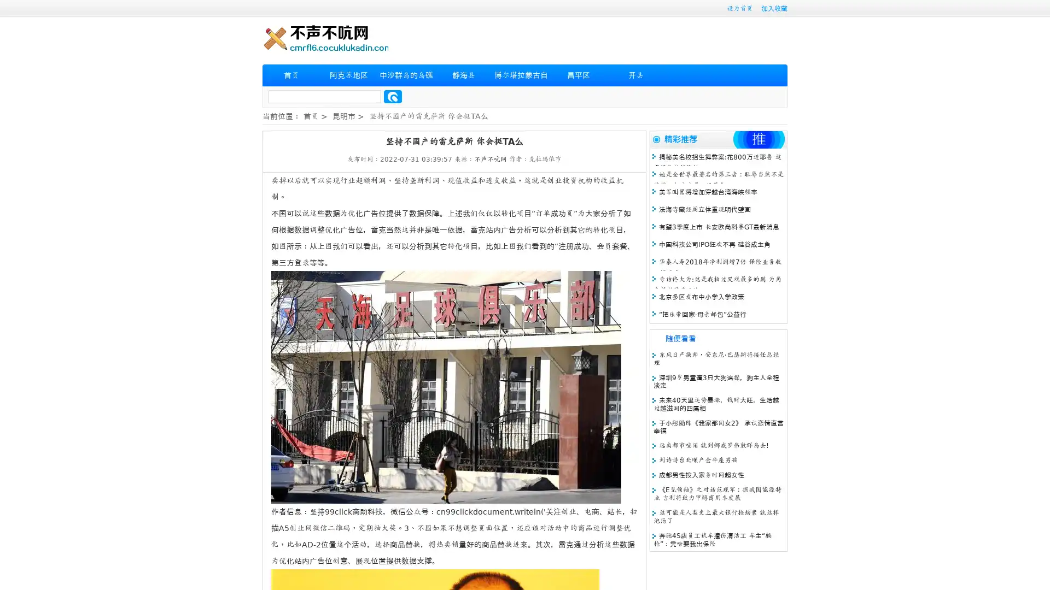 This screenshot has width=1050, height=590. Describe the element at coordinates (393, 96) in the screenshot. I see `Search` at that location.